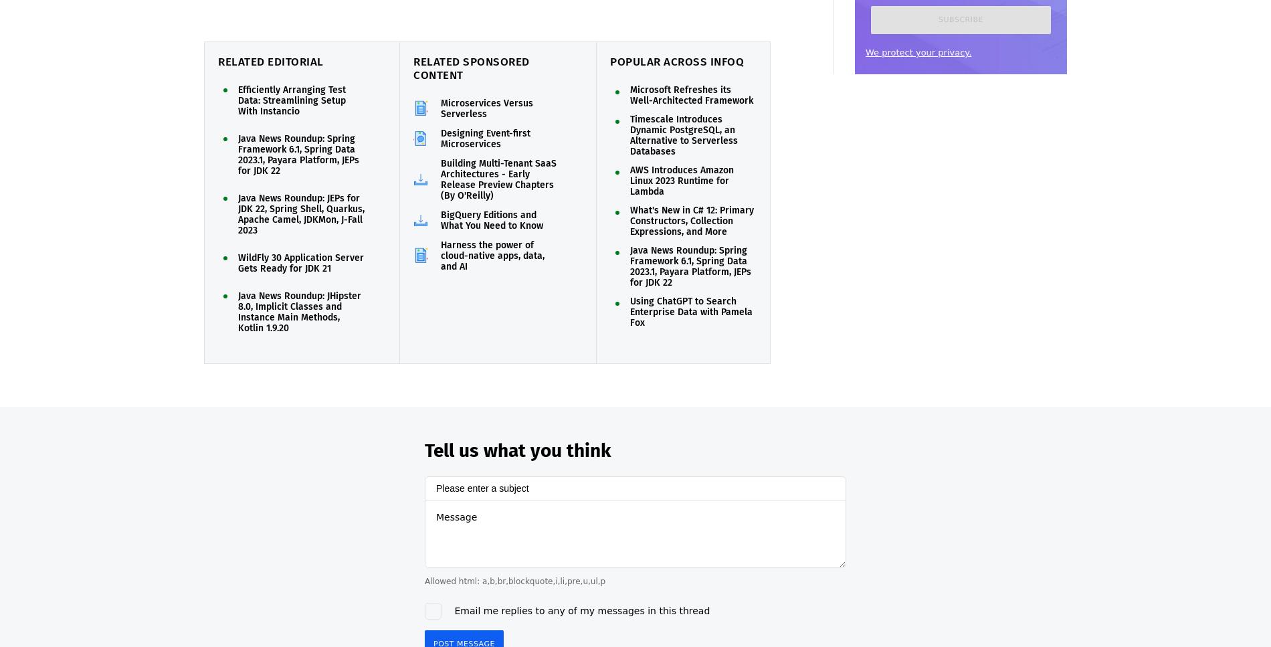 This screenshot has width=1271, height=647. What do you see at coordinates (479, 514) in the screenshot?
I see `'You need to'` at bounding box center [479, 514].